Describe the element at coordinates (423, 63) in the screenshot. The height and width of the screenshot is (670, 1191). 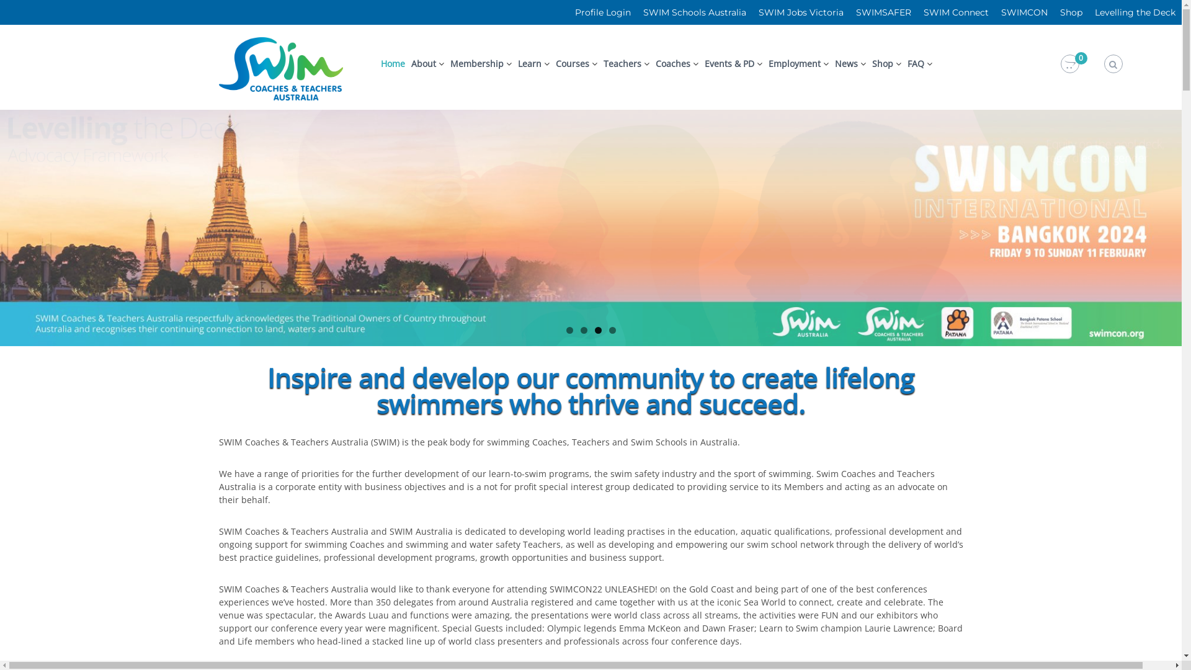
I see `'About'` at that location.